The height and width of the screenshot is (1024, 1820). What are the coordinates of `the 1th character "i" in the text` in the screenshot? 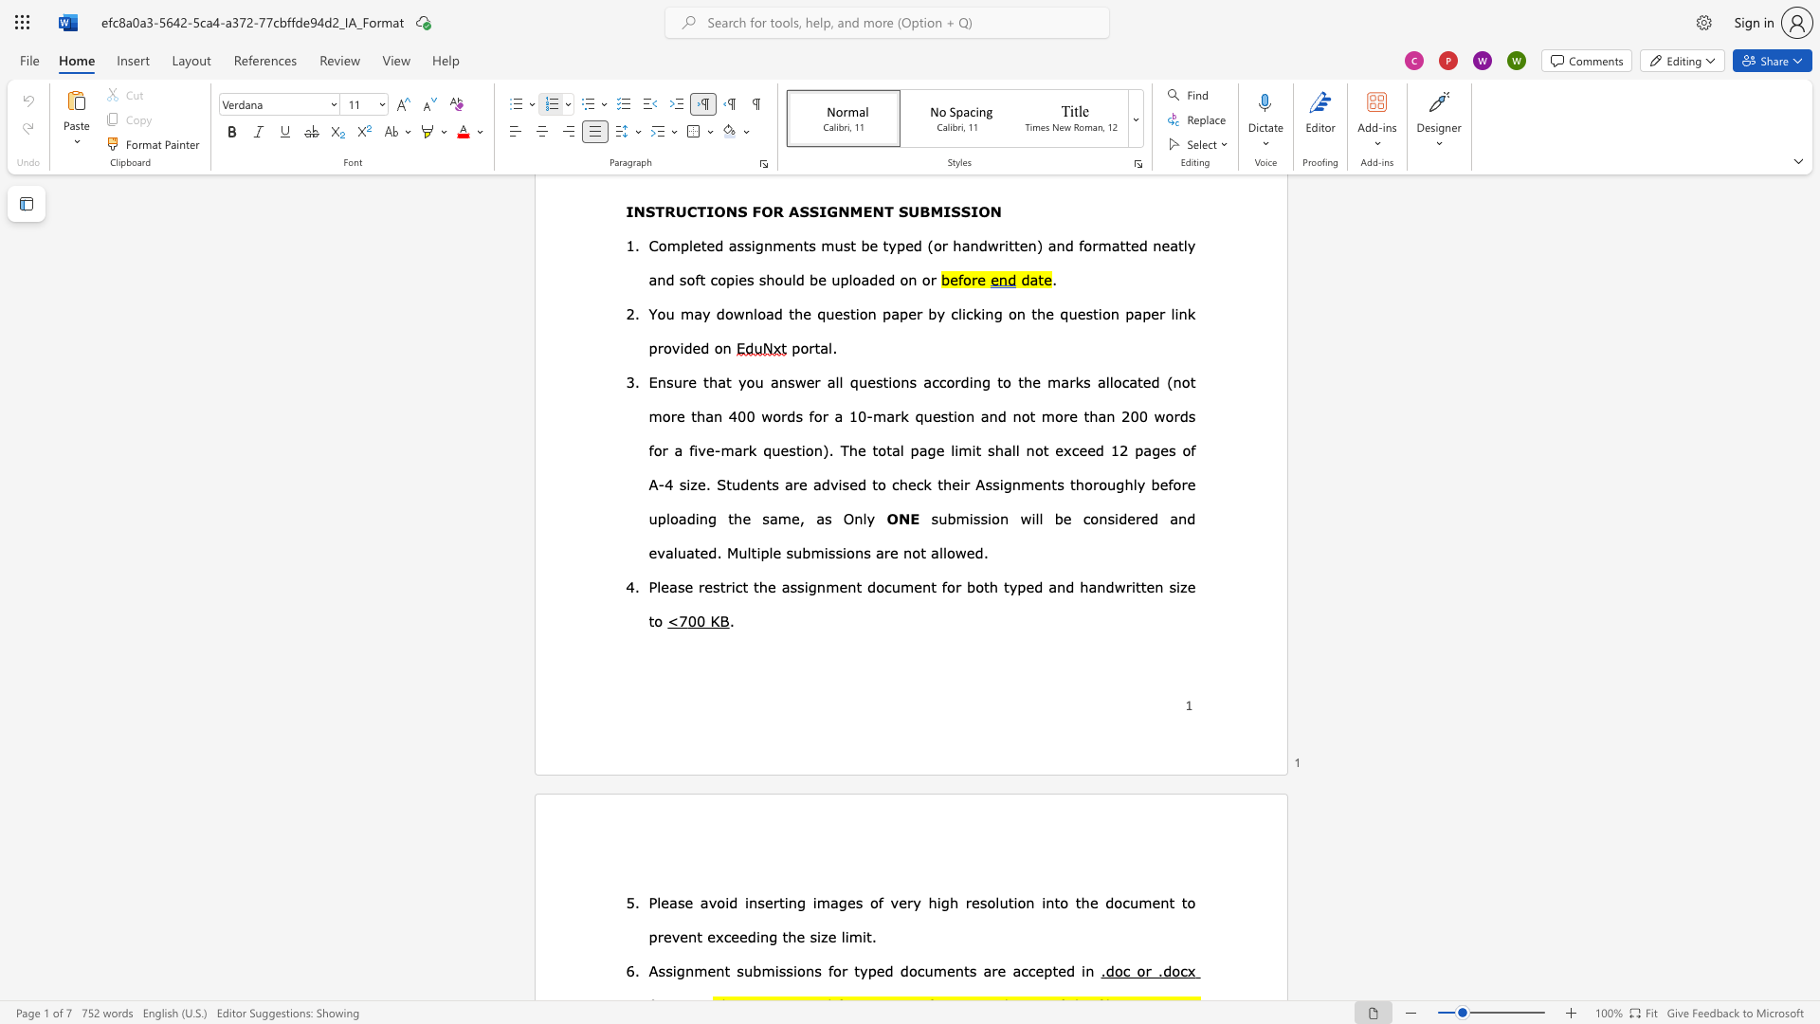 It's located at (674, 970).